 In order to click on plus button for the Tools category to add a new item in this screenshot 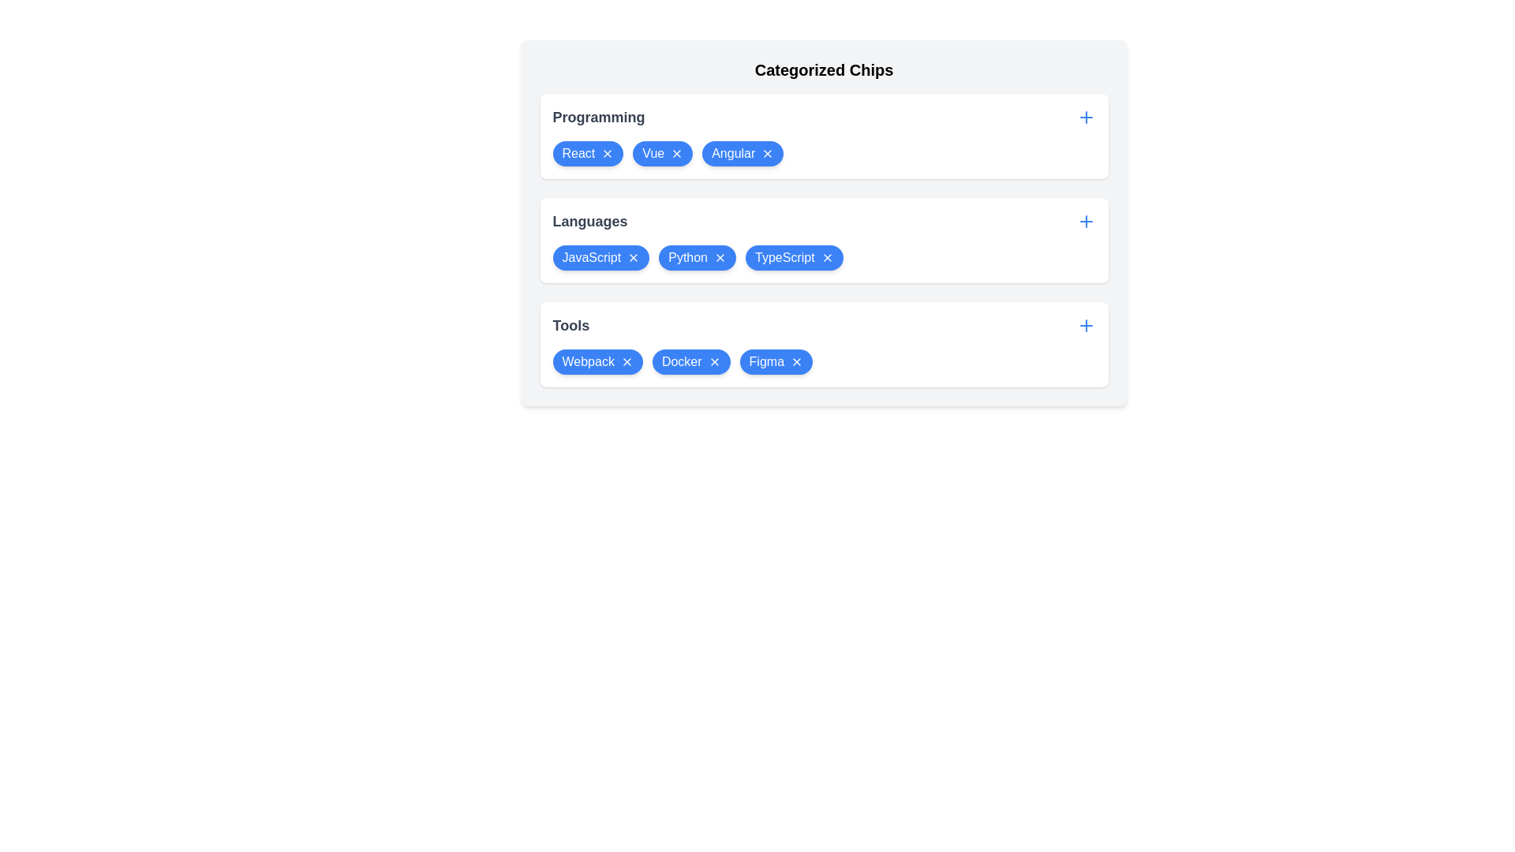, I will do `click(1085, 324)`.